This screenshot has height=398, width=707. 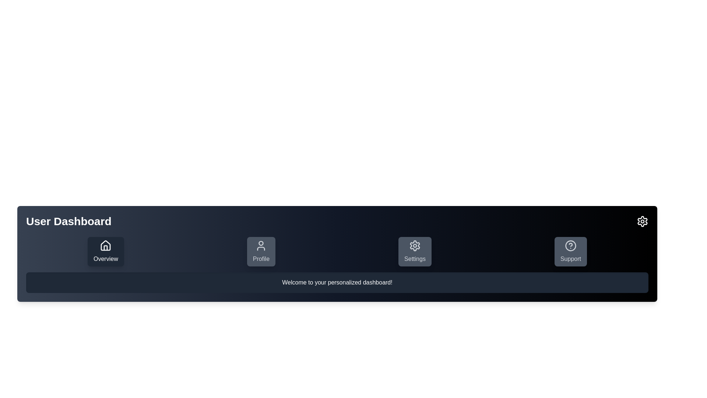 I want to click on the leftmost Label or Text Display element that serves as a title or heading for the interface, so click(x=68, y=221).